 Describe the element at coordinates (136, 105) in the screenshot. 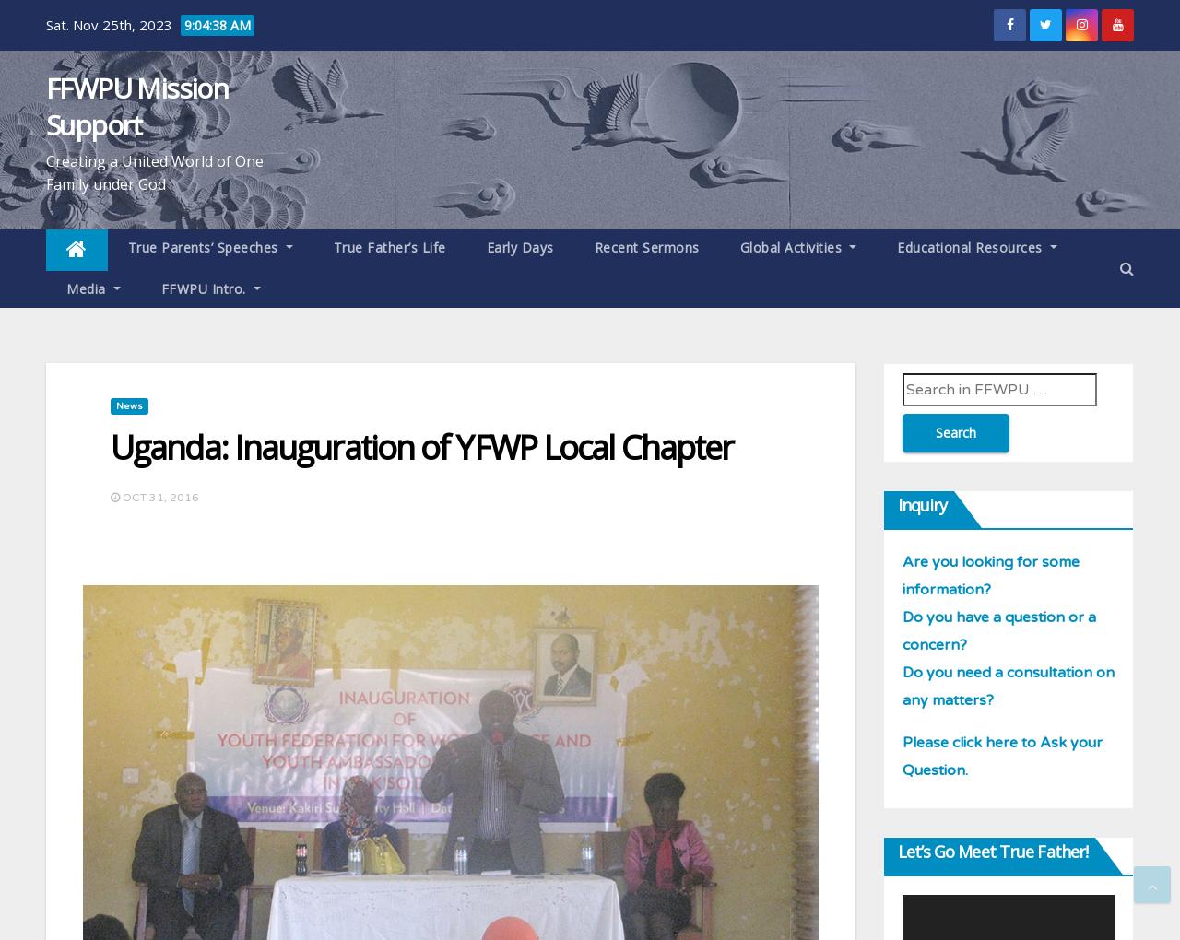

I see `'FFWPU Mission Support'` at that location.